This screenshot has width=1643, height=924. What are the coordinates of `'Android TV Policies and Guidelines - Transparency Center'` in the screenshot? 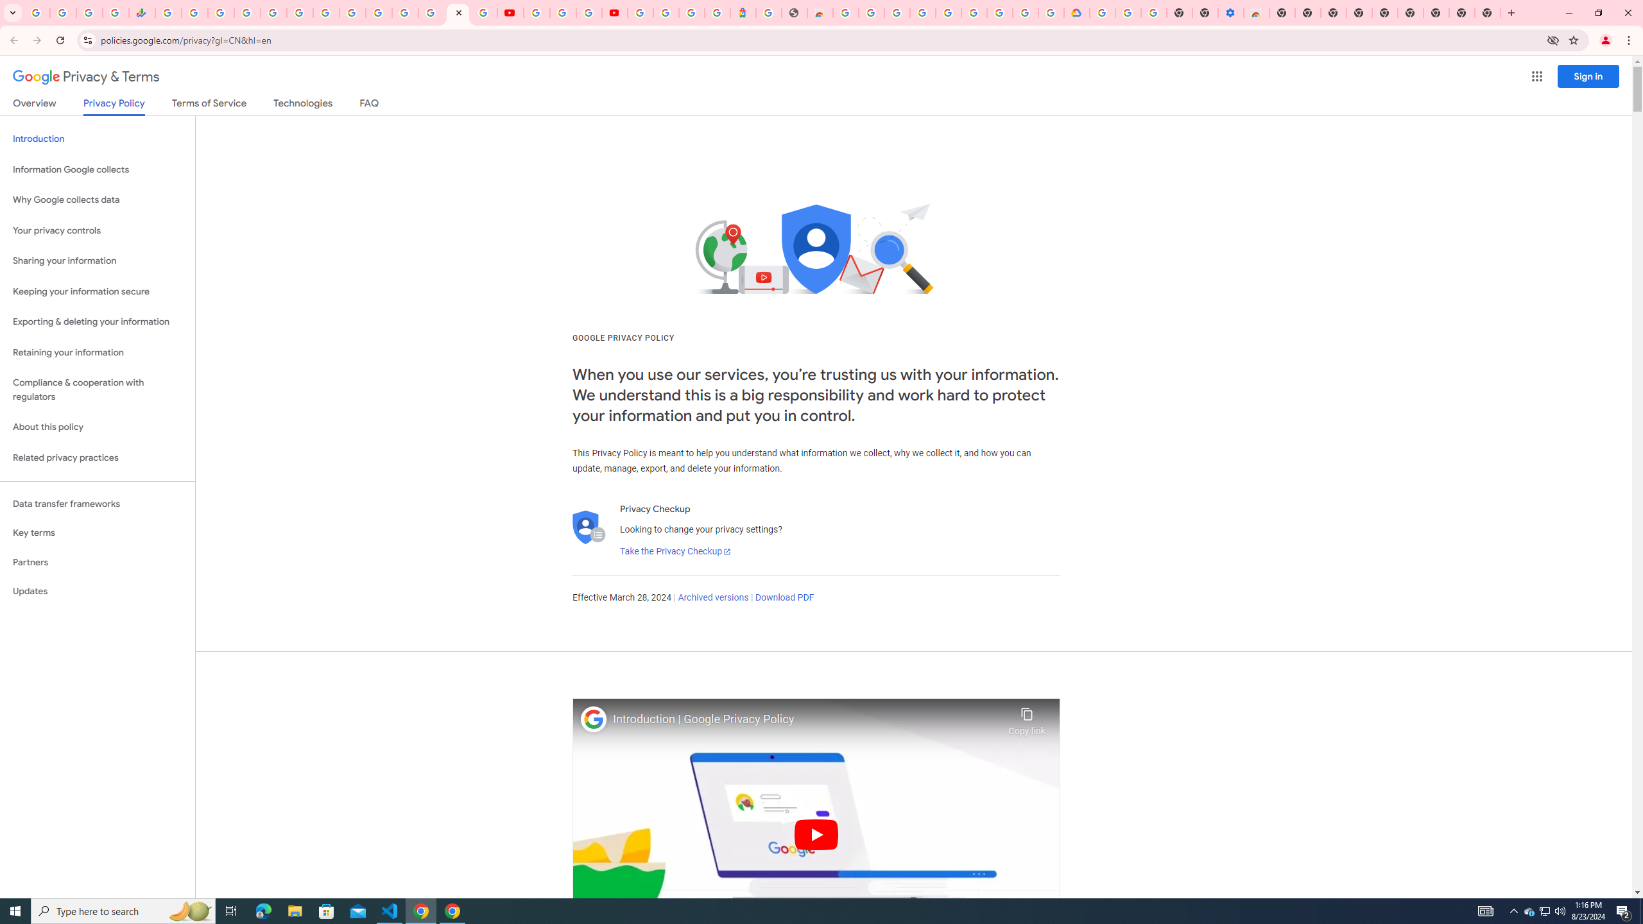 It's located at (325, 12).